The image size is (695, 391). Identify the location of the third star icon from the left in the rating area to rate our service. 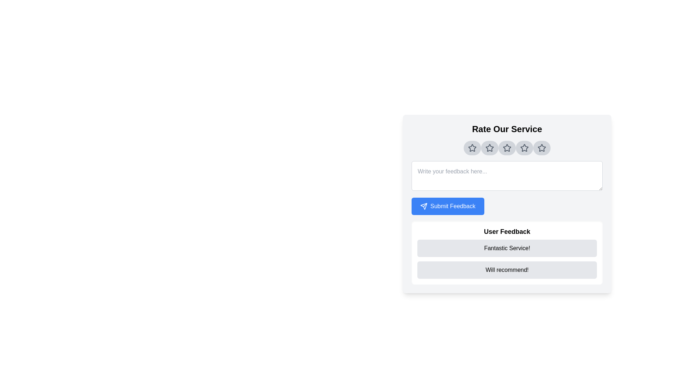
(507, 147).